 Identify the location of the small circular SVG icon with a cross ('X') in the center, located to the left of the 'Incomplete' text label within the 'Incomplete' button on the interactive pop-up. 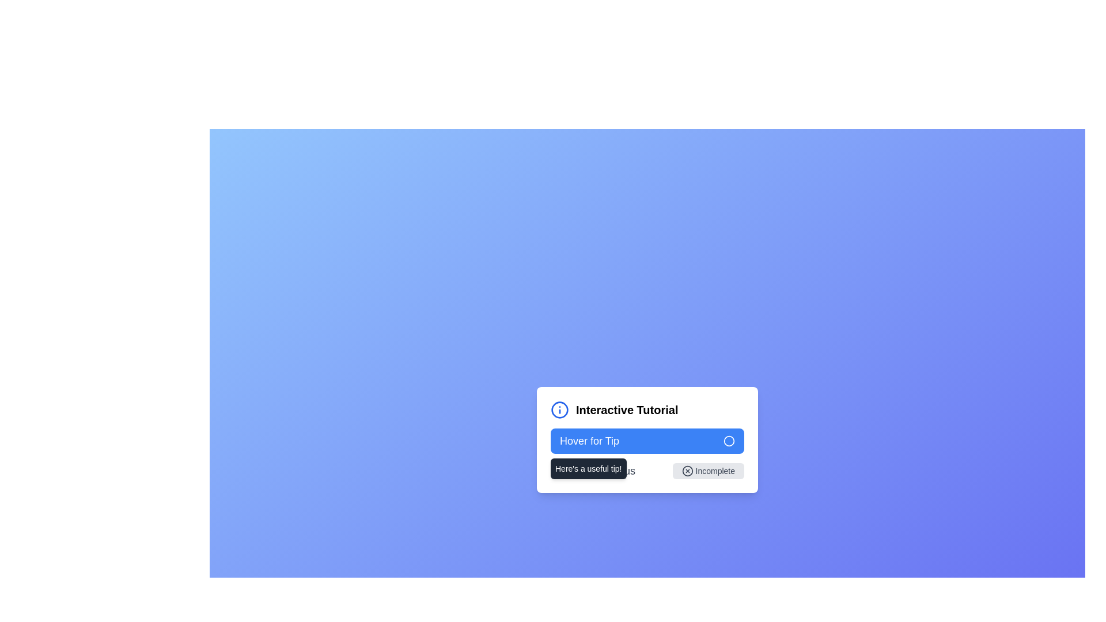
(687, 471).